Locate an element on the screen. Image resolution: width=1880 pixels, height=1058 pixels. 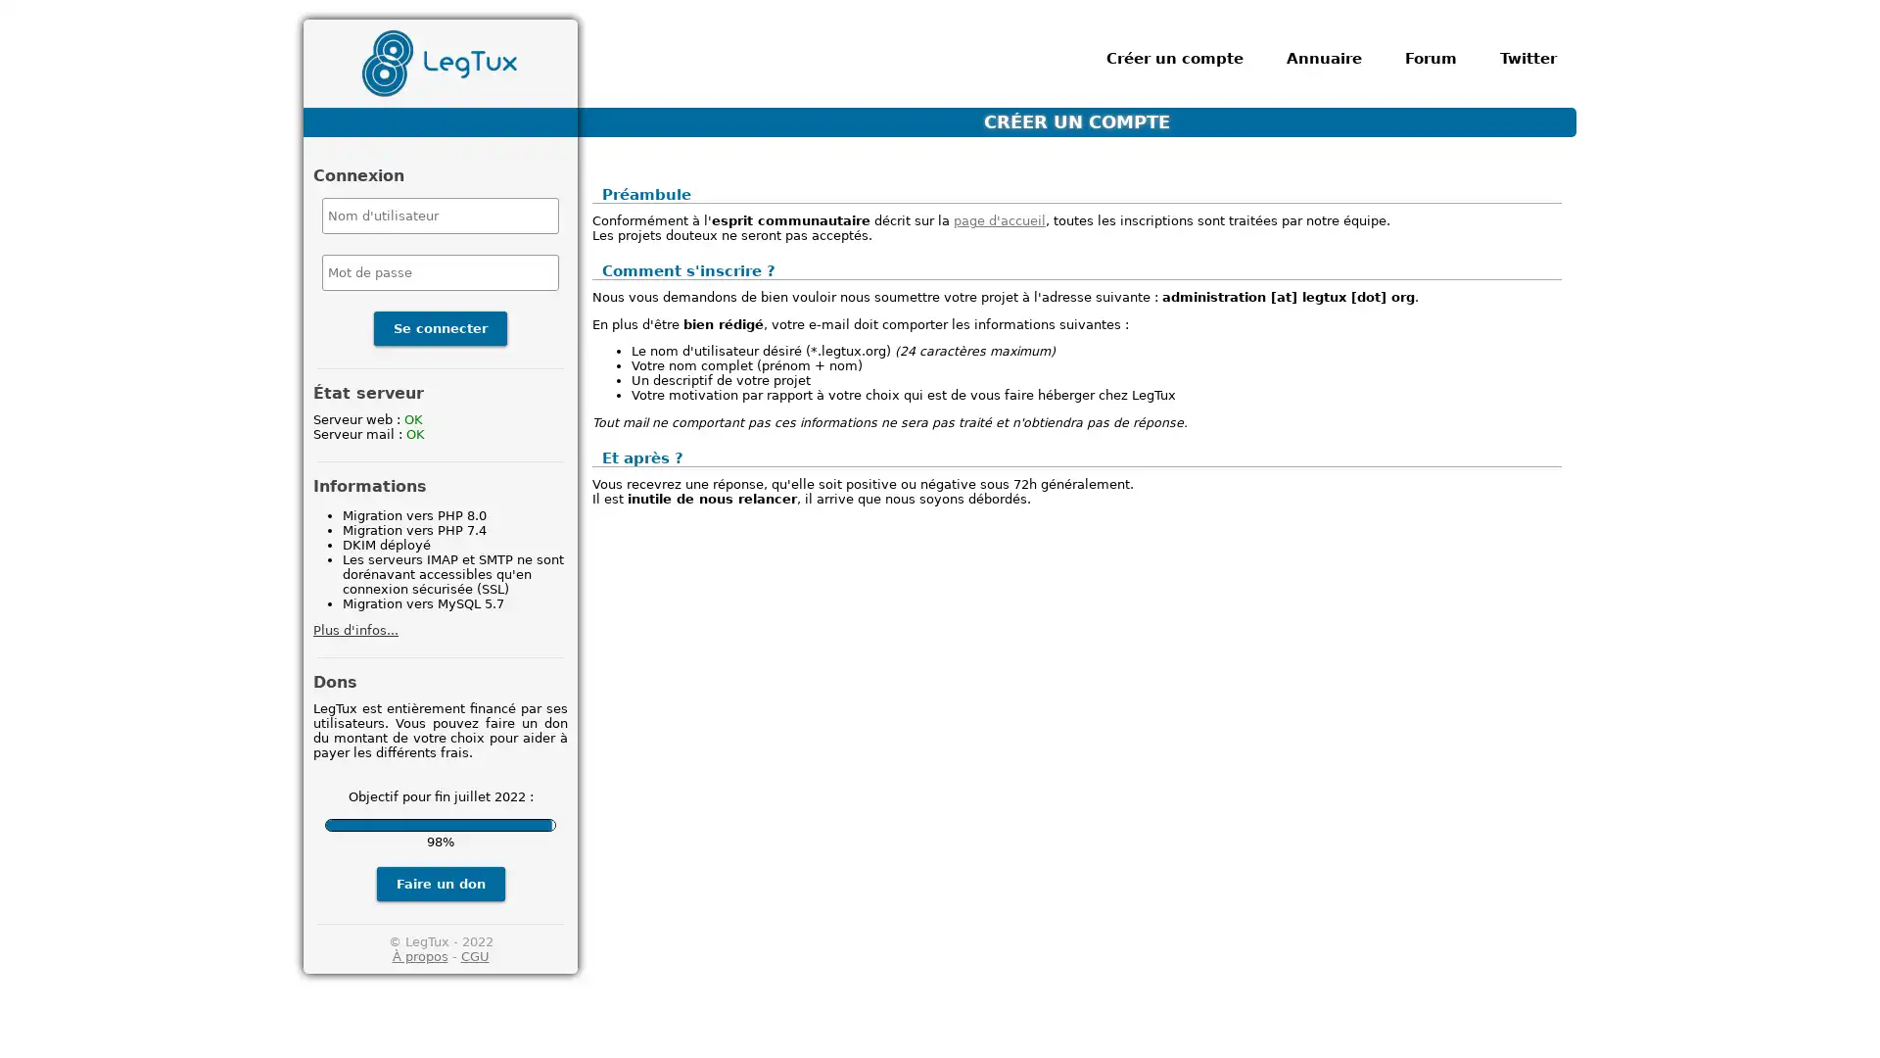
Se connecter is located at coordinates (440, 327).